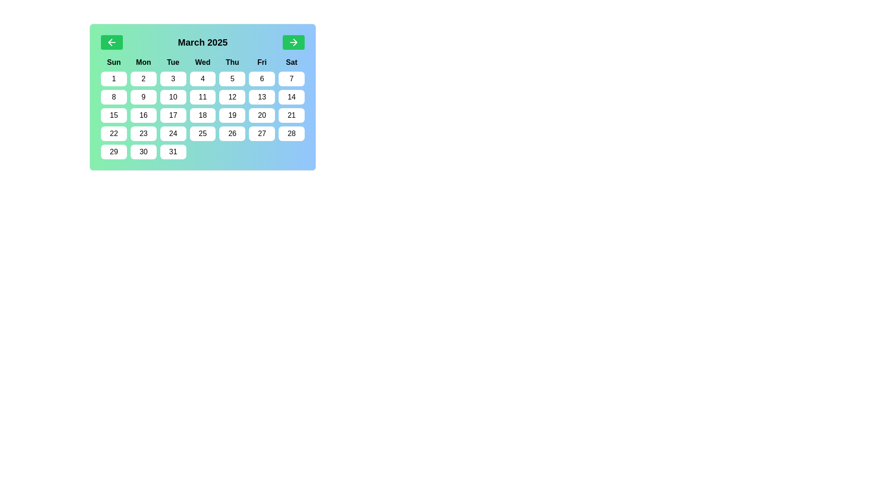 The image size is (877, 493). What do you see at coordinates (143, 62) in the screenshot?
I see `the text label indicating 'Monday', which is the second element in the row of weekday labels in the calendar interface` at bounding box center [143, 62].